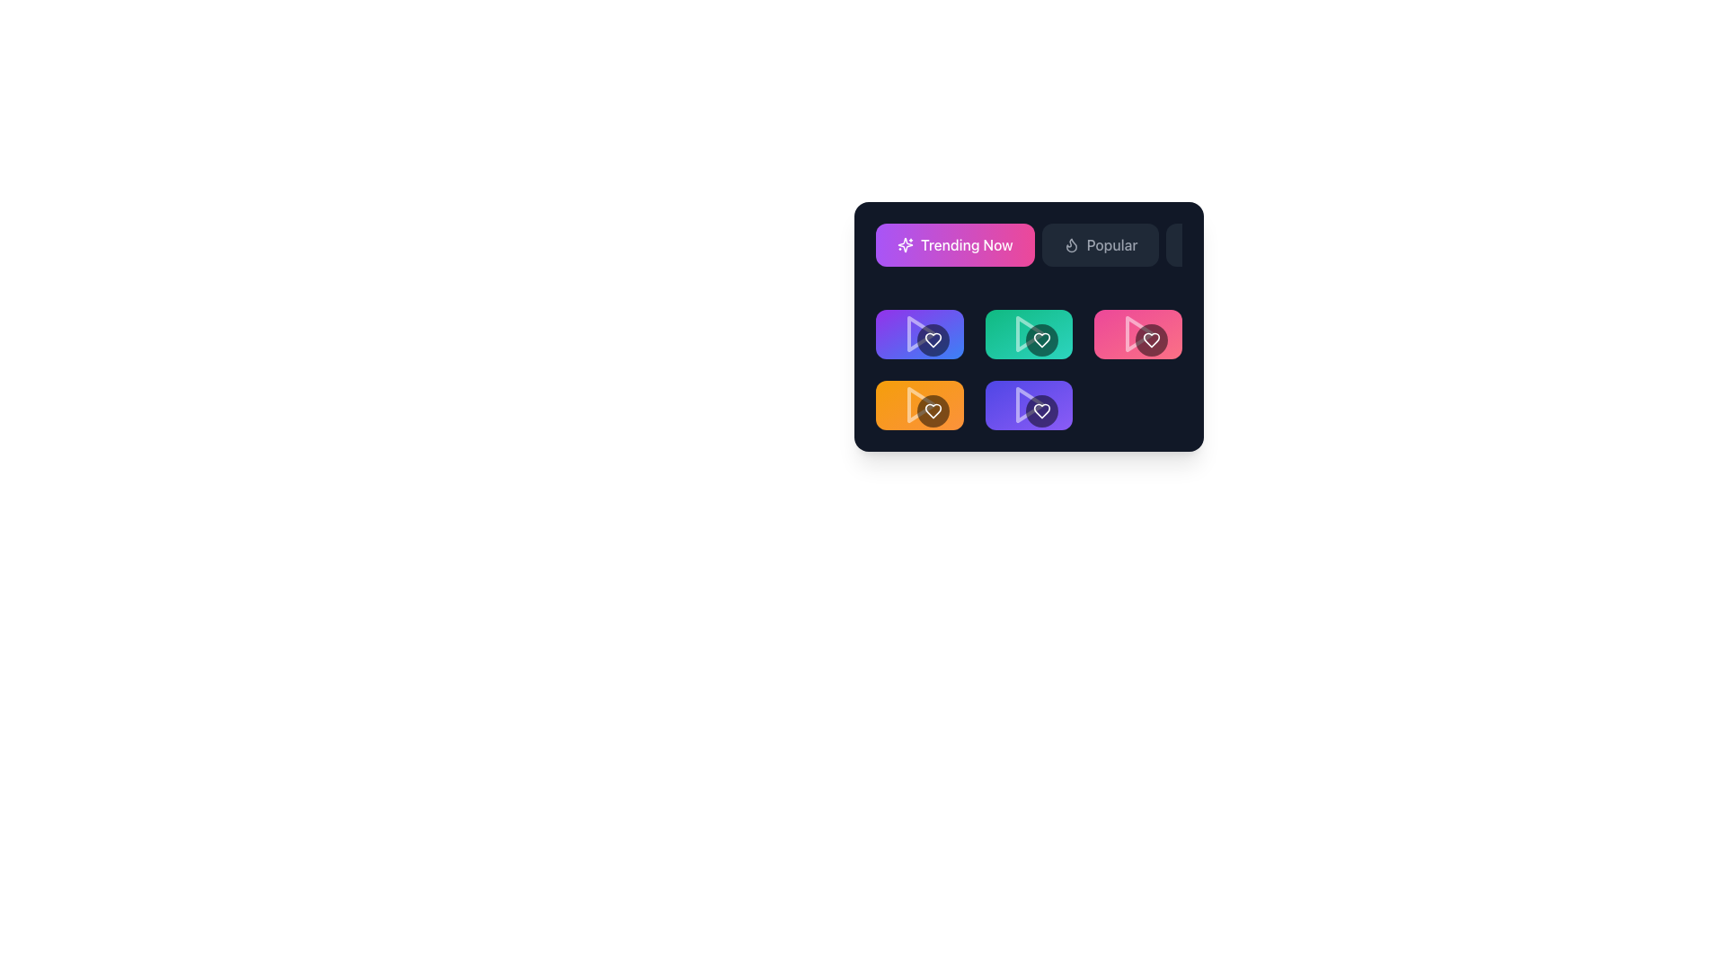  Describe the element at coordinates (919, 405) in the screenshot. I see `the orange rectangular Content Tile with a play button and heart icon to initiate interaction` at that location.